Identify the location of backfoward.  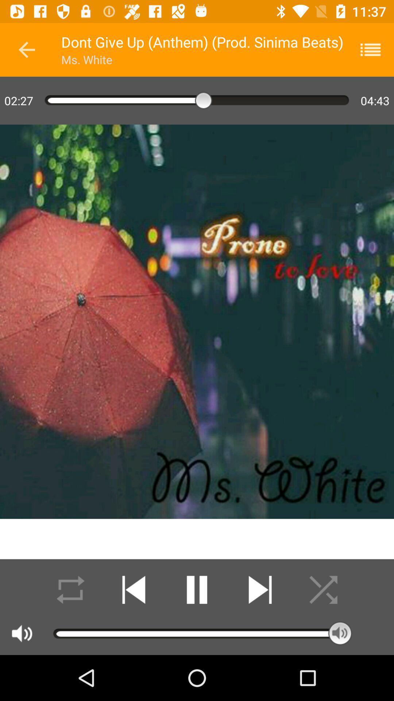
(134, 590).